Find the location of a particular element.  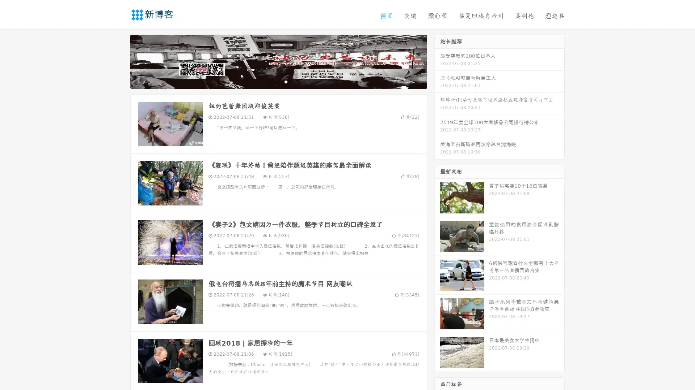

Go to slide 2 is located at coordinates (278, 81).